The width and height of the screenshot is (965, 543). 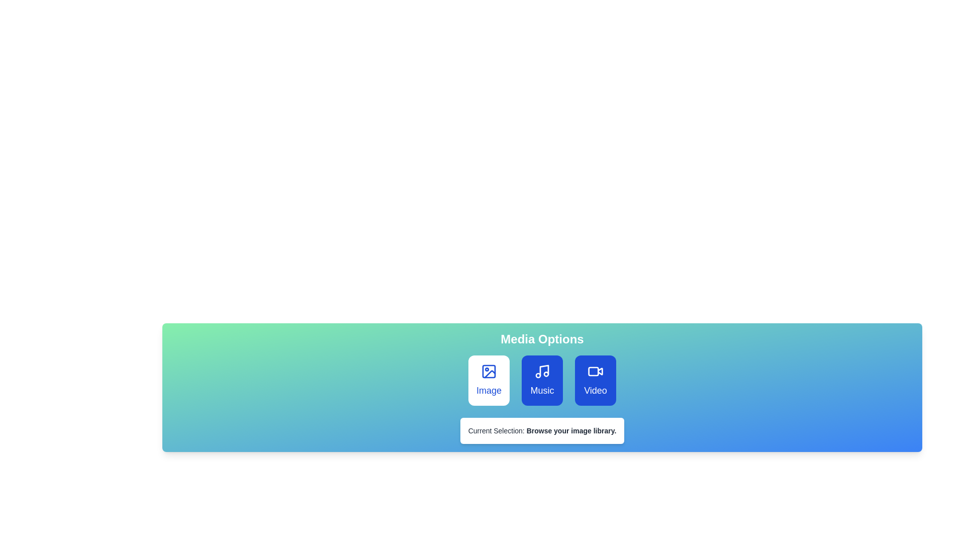 I want to click on the triangular icon within the blue 'Video' button, so click(x=600, y=371).